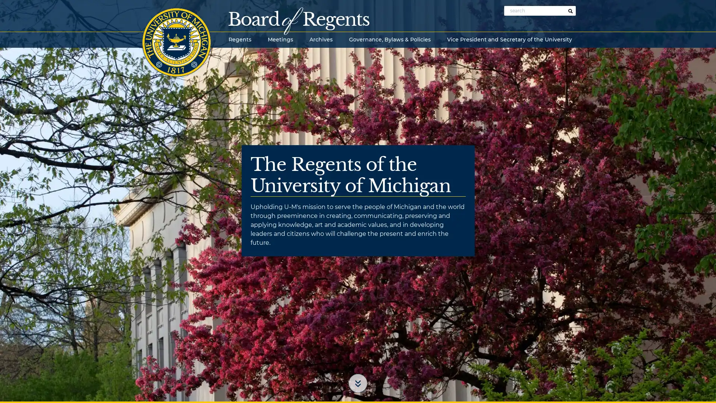 Image resolution: width=716 pixels, height=403 pixels. Describe the element at coordinates (570, 11) in the screenshot. I see `submit form` at that location.